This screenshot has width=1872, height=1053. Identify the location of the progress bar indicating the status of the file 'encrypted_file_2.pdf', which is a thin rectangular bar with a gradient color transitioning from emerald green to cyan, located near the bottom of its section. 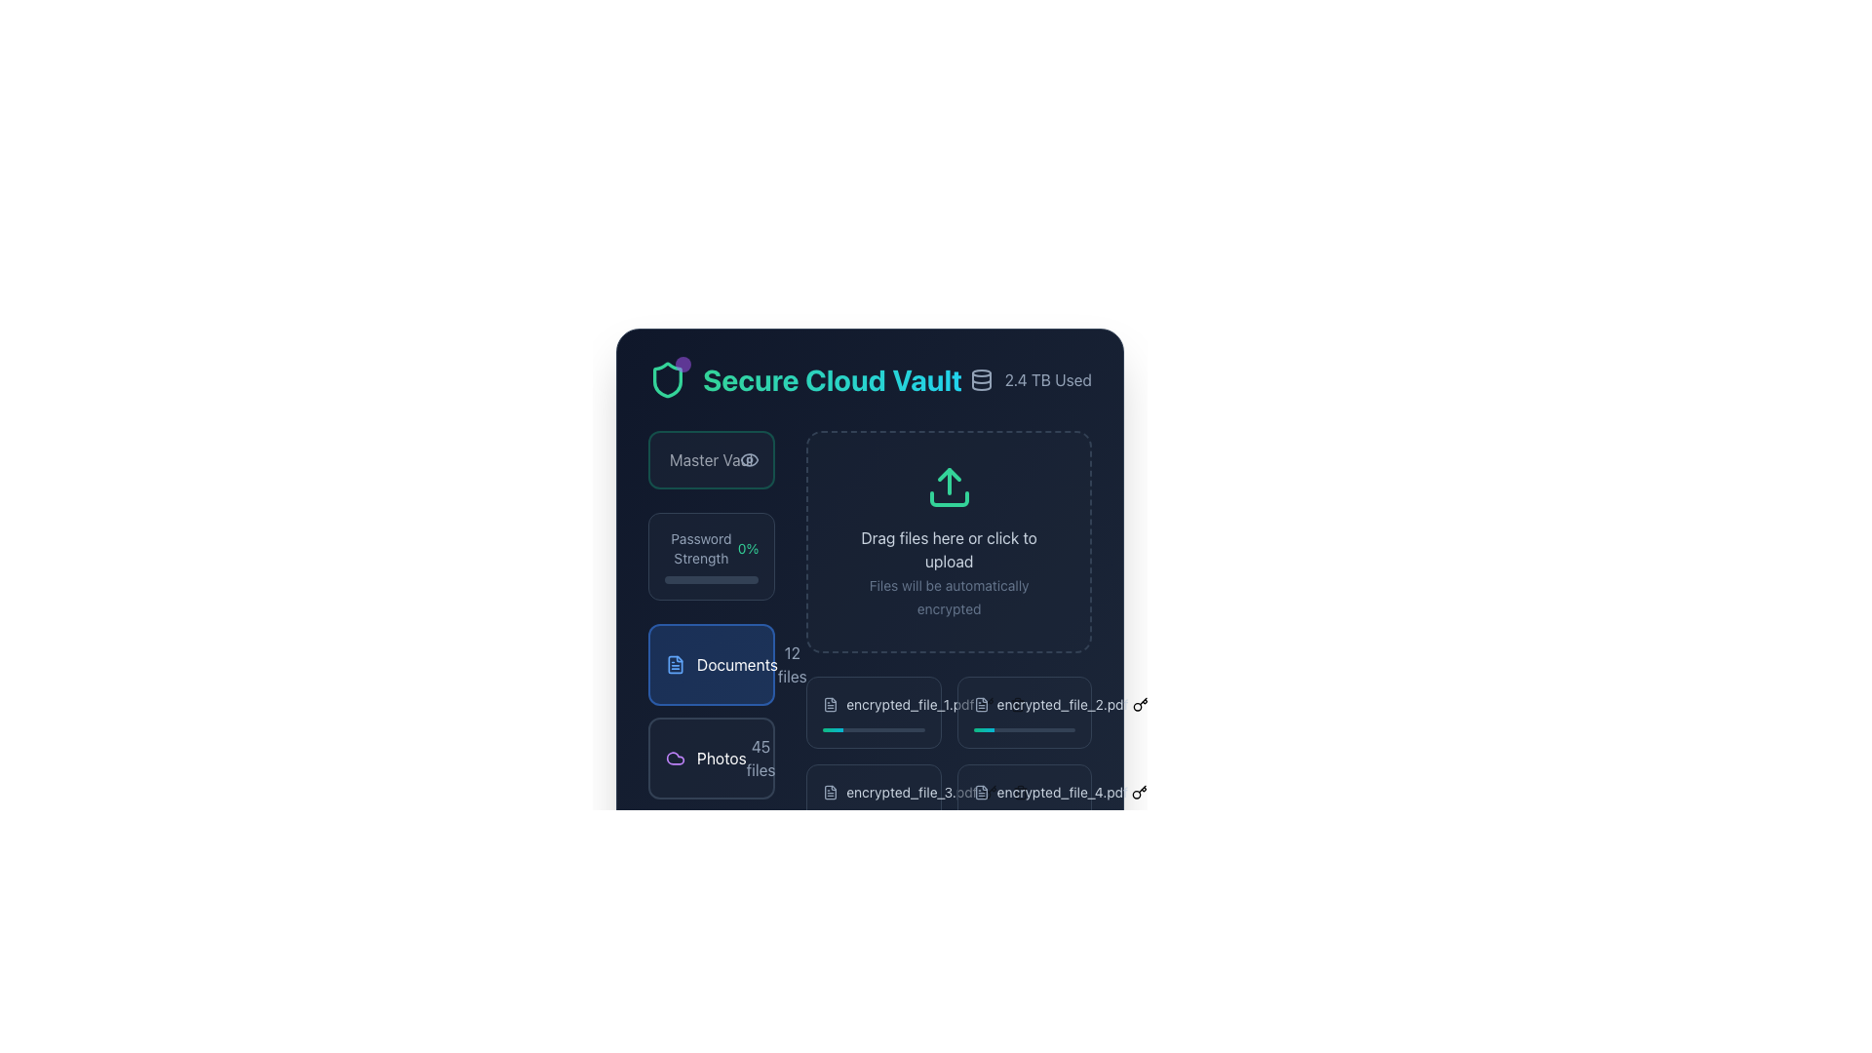
(1023, 729).